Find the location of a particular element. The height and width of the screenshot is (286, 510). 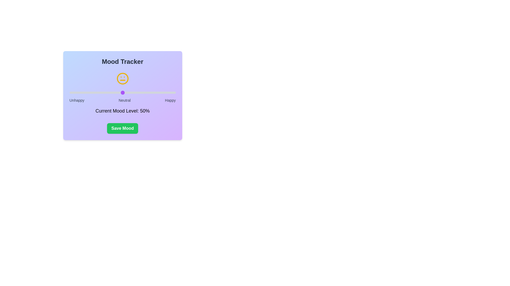

the mood slider to set the mood level to 17% is located at coordinates (87, 92).